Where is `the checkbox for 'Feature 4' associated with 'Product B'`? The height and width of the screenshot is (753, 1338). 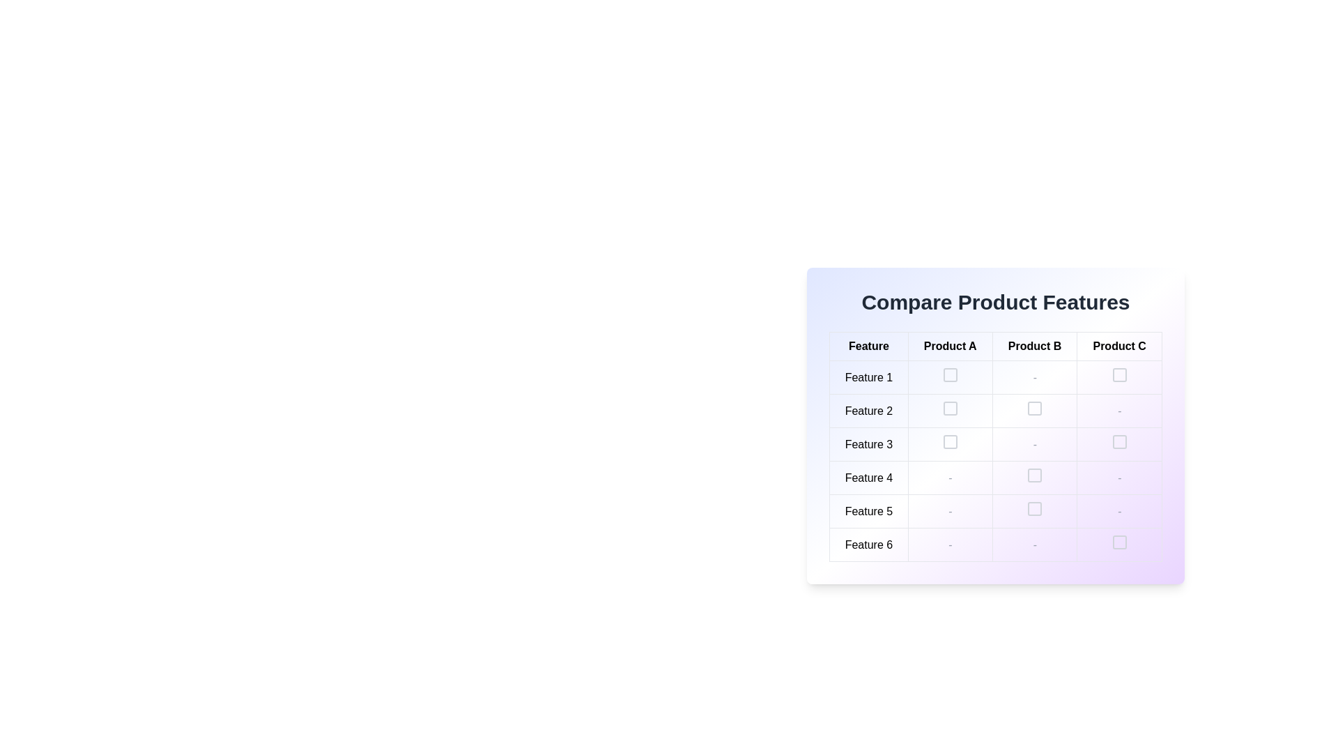
the checkbox for 'Feature 4' associated with 'Product B' is located at coordinates (1035, 475).